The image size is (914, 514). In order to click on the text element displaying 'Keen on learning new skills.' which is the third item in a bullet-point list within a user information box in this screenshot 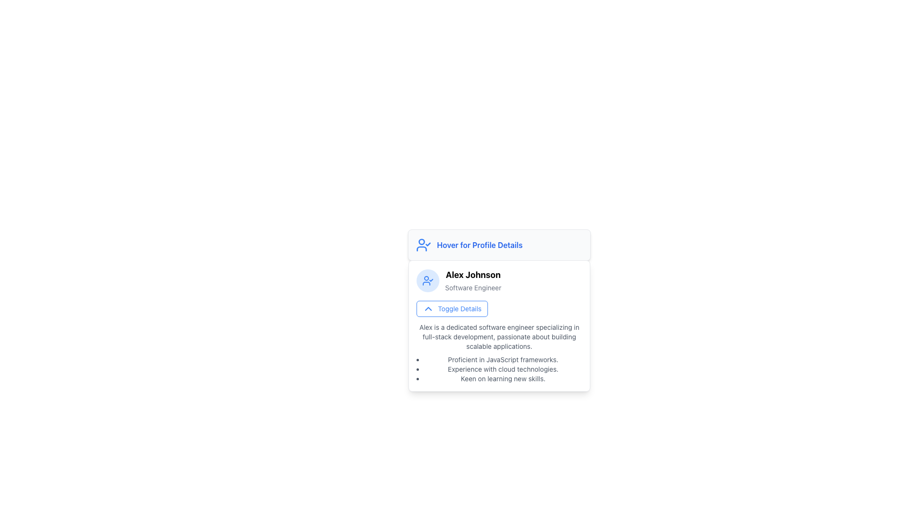, I will do `click(502, 378)`.